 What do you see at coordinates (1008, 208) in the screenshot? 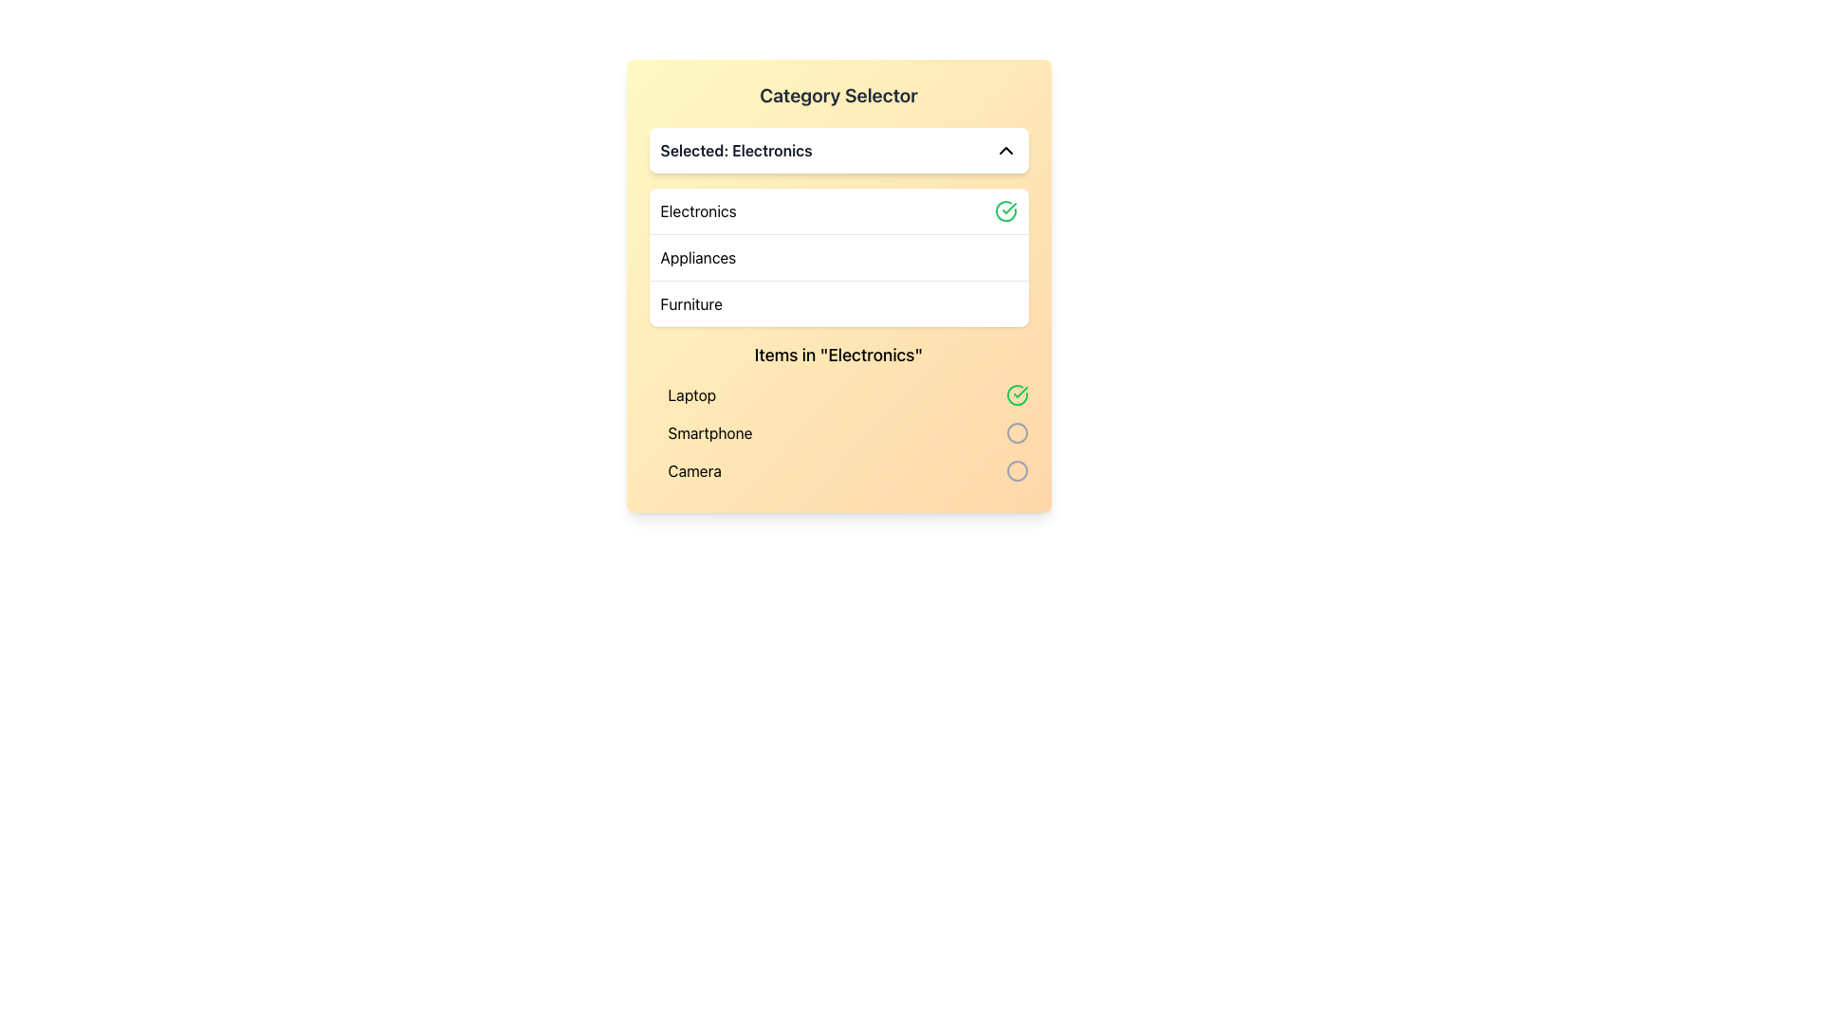
I see `the 'Electronics' category indicator icon located beside the 'Electronics' text label in the dropdown menu` at bounding box center [1008, 208].